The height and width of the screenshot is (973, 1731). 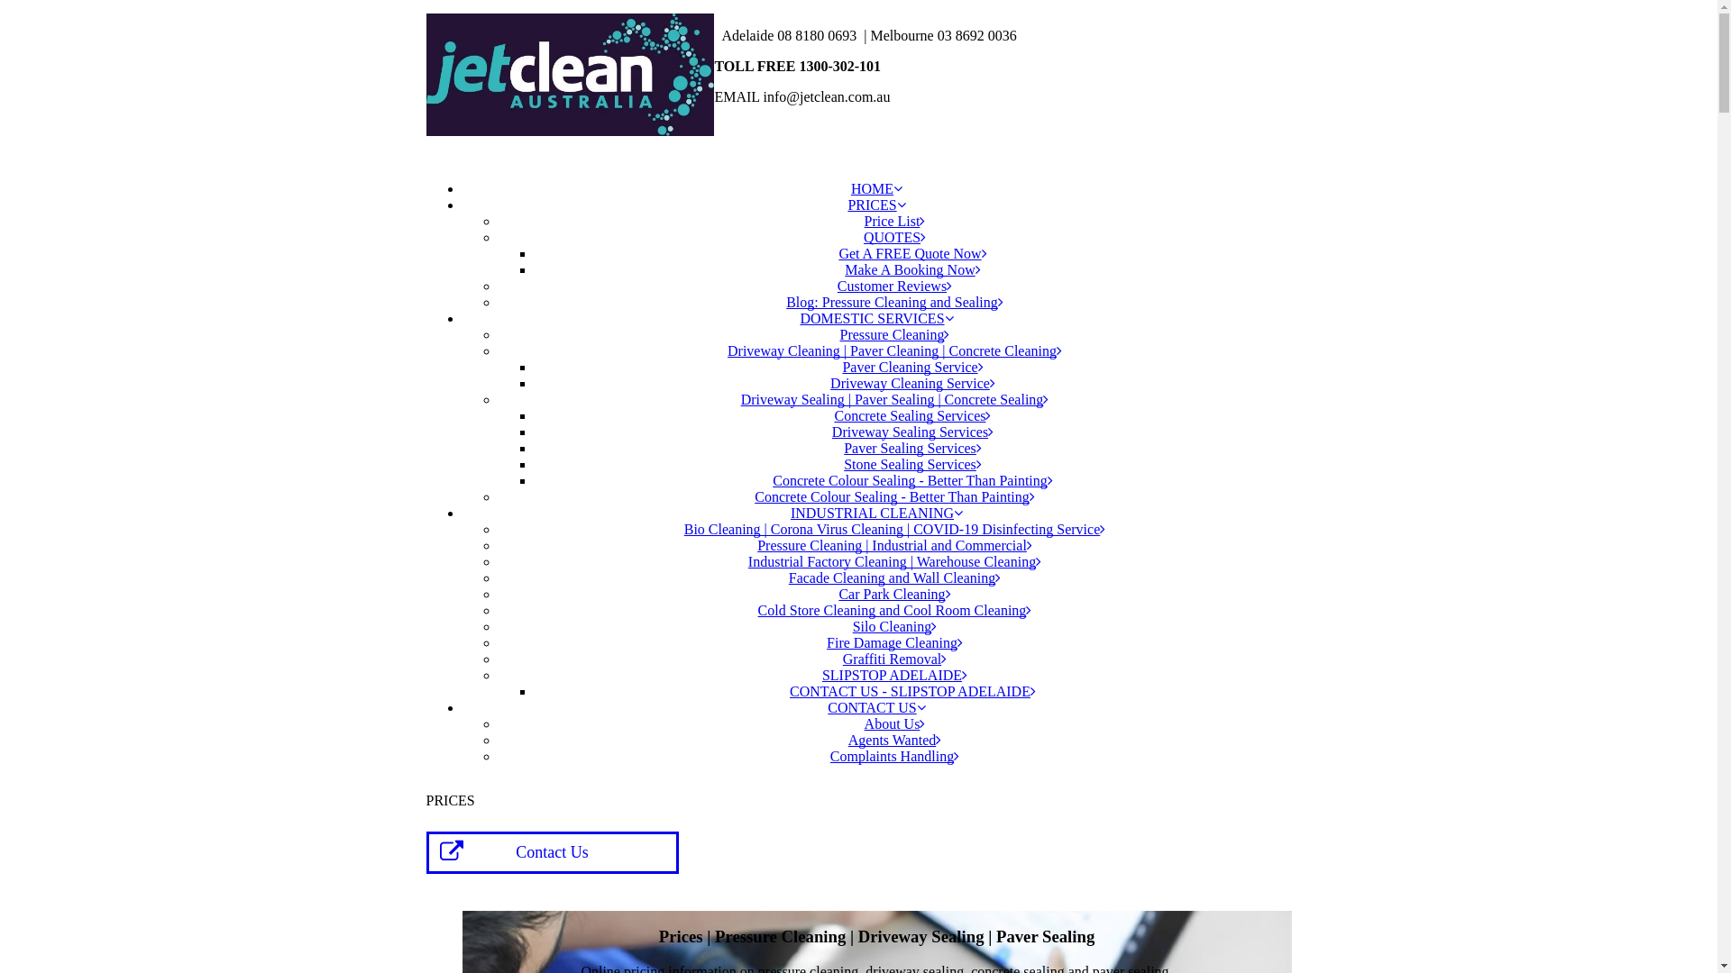 I want to click on 'DOMESTIC SERVICES', so click(x=799, y=317).